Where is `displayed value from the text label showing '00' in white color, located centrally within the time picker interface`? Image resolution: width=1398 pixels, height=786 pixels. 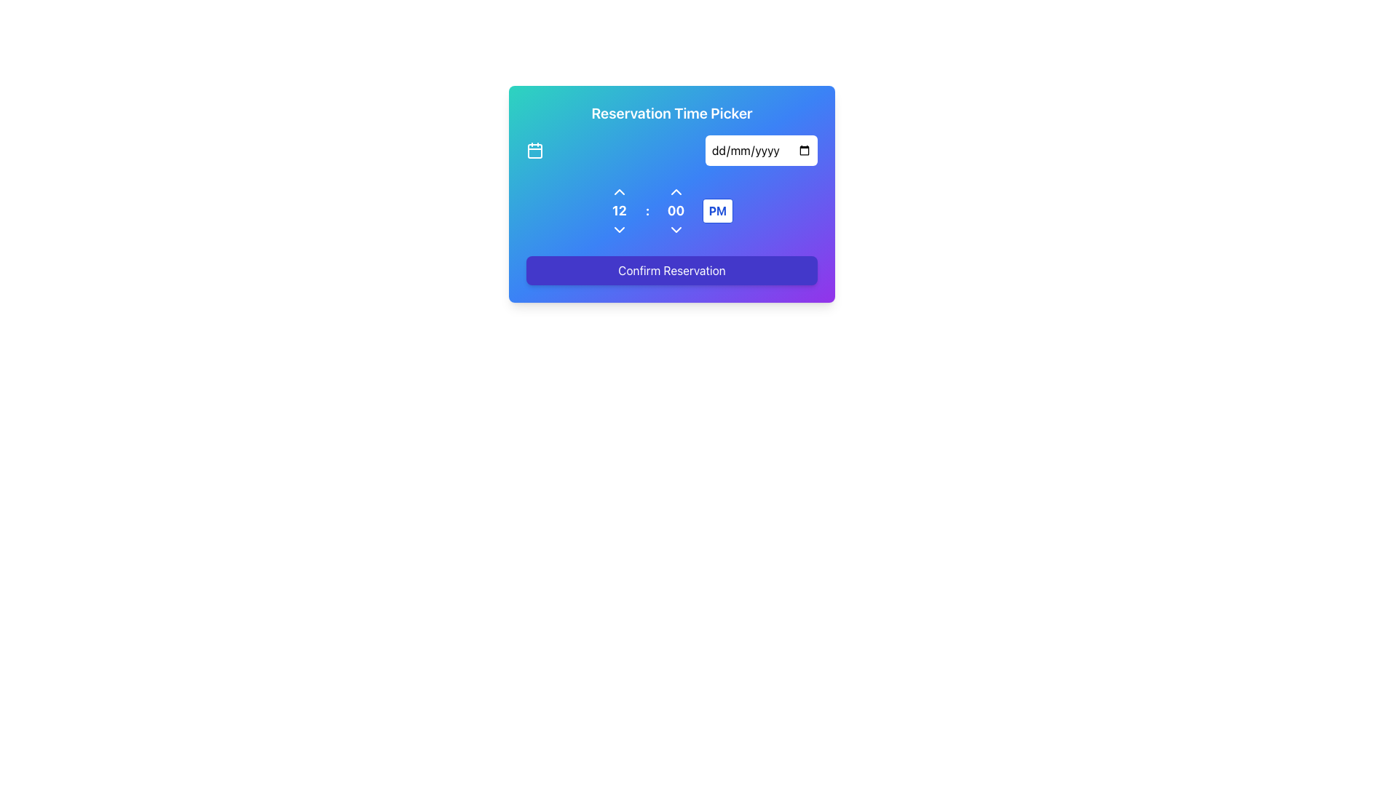 displayed value from the text label showing '00' in white color, located centrally within the time picker interface is located at coordinates (675, 210).